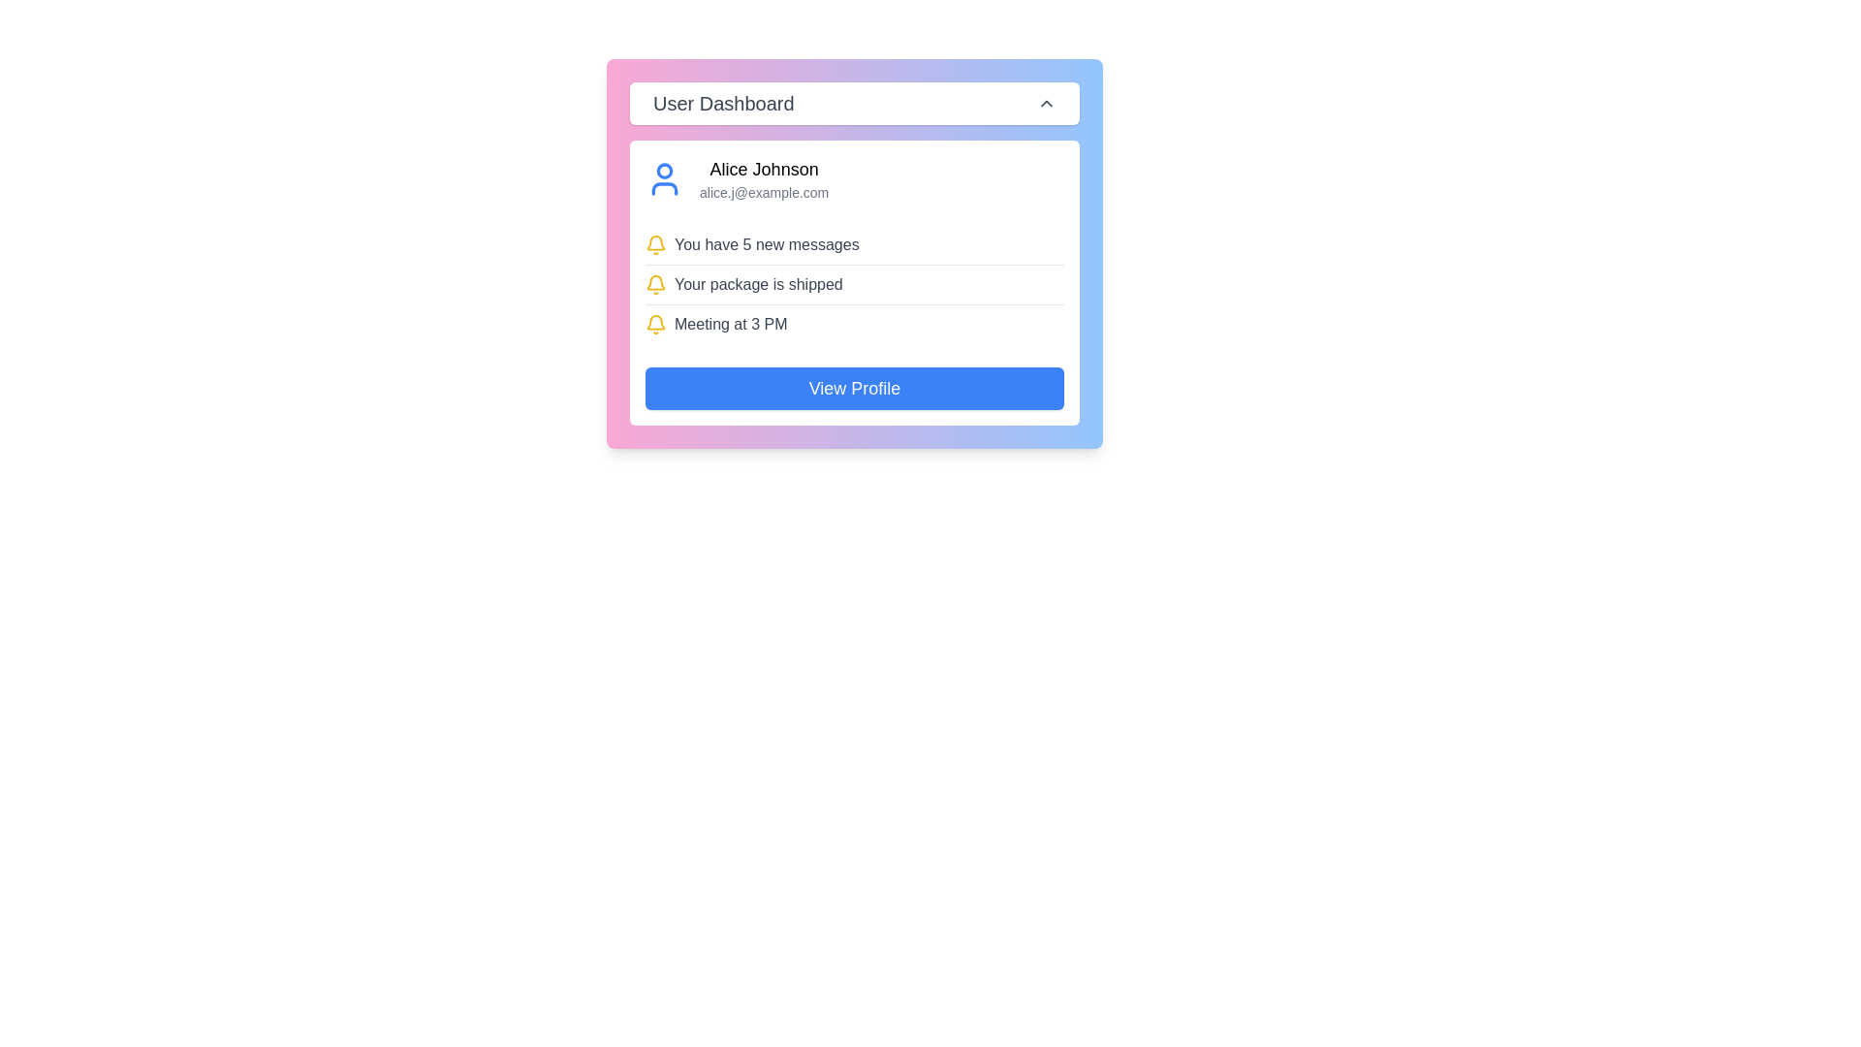 The width and height of the screenshot is (1861, 1047). Describe the element at coordinates (854, 104) in the screenshot. I see `the 'User Dashboard' button to toggle the menu visibility` at that location.